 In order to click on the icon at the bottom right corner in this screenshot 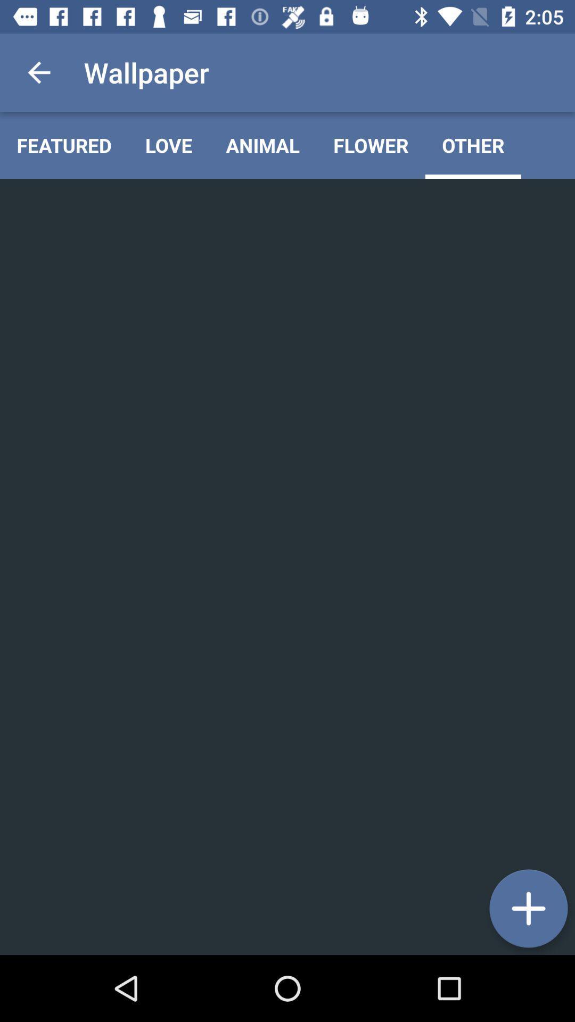, I will do `click(528, 908)`.